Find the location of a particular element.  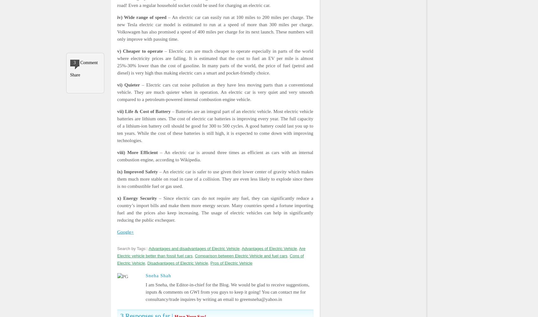

'I am Sneha, the Editor-in-chief for the Blog. We would be glad to receive suggestions, inputs & comments on GWI from you guys to keep it going! You can contact me for consultancy/trade inquires by writing an email to greensneha@yahoo.in' is located at coordinates (227, 291).